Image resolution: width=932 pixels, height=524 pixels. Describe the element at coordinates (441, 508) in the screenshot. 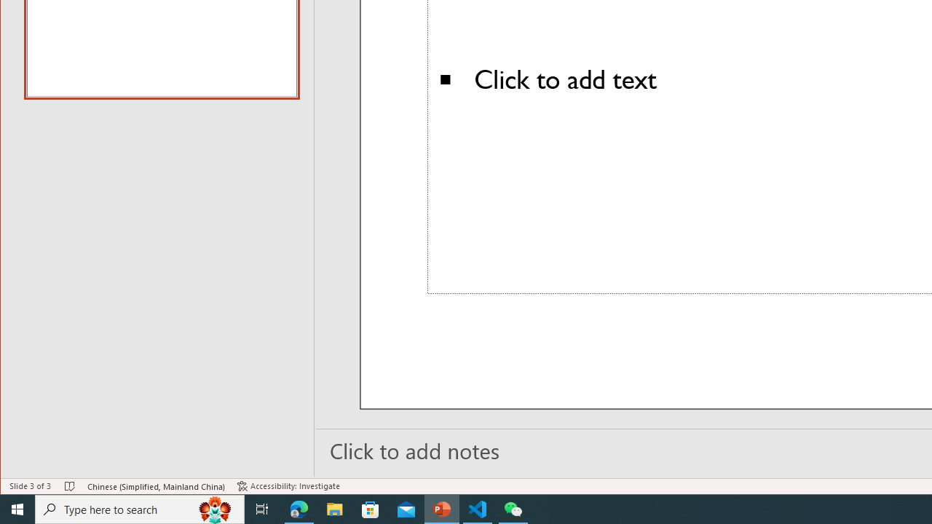

I see `'PowerPoint - 1 running window'` at that location.